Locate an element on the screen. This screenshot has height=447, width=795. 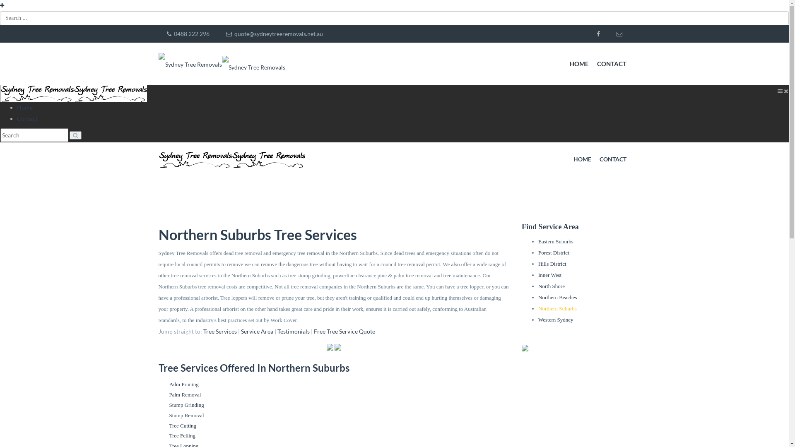
'Stump Removal' is located at coordinates (186, 415).